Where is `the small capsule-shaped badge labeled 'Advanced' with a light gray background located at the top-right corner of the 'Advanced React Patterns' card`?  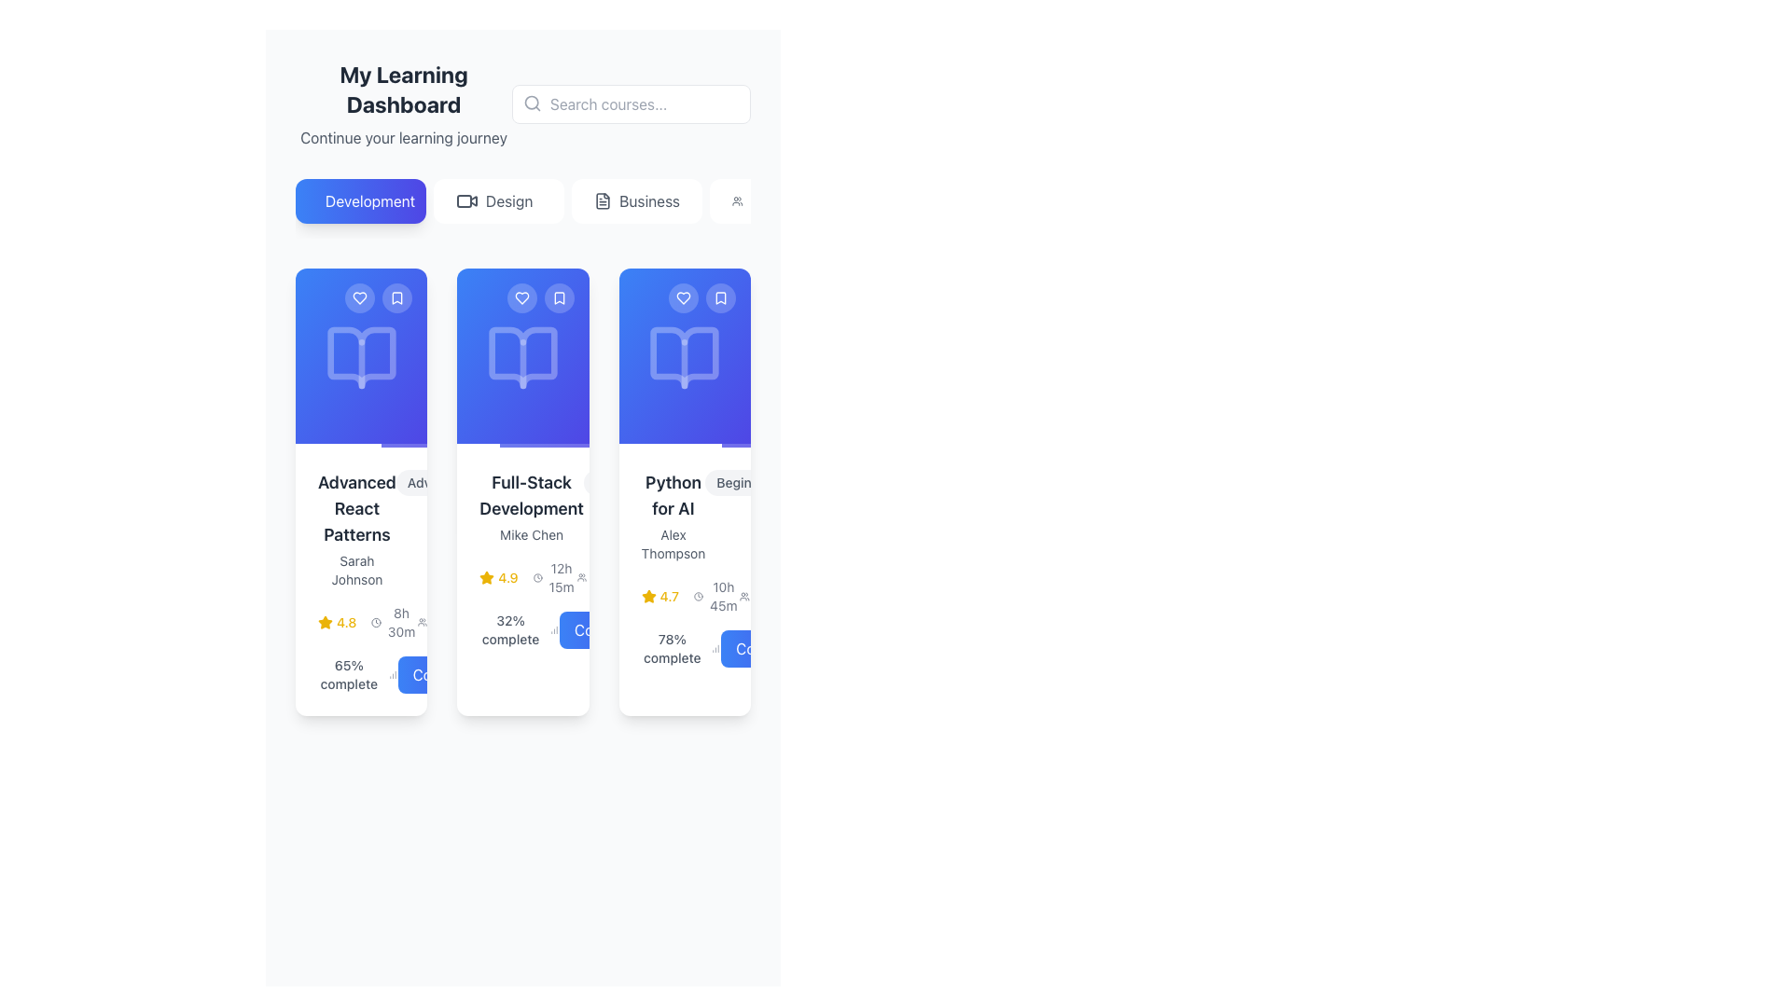 the small capsule-shaped badge labeled 'Advanced' with a light gray background located at the top-right corner of the 'Advanced React Patterns' card is located at coordinates (437, 481).